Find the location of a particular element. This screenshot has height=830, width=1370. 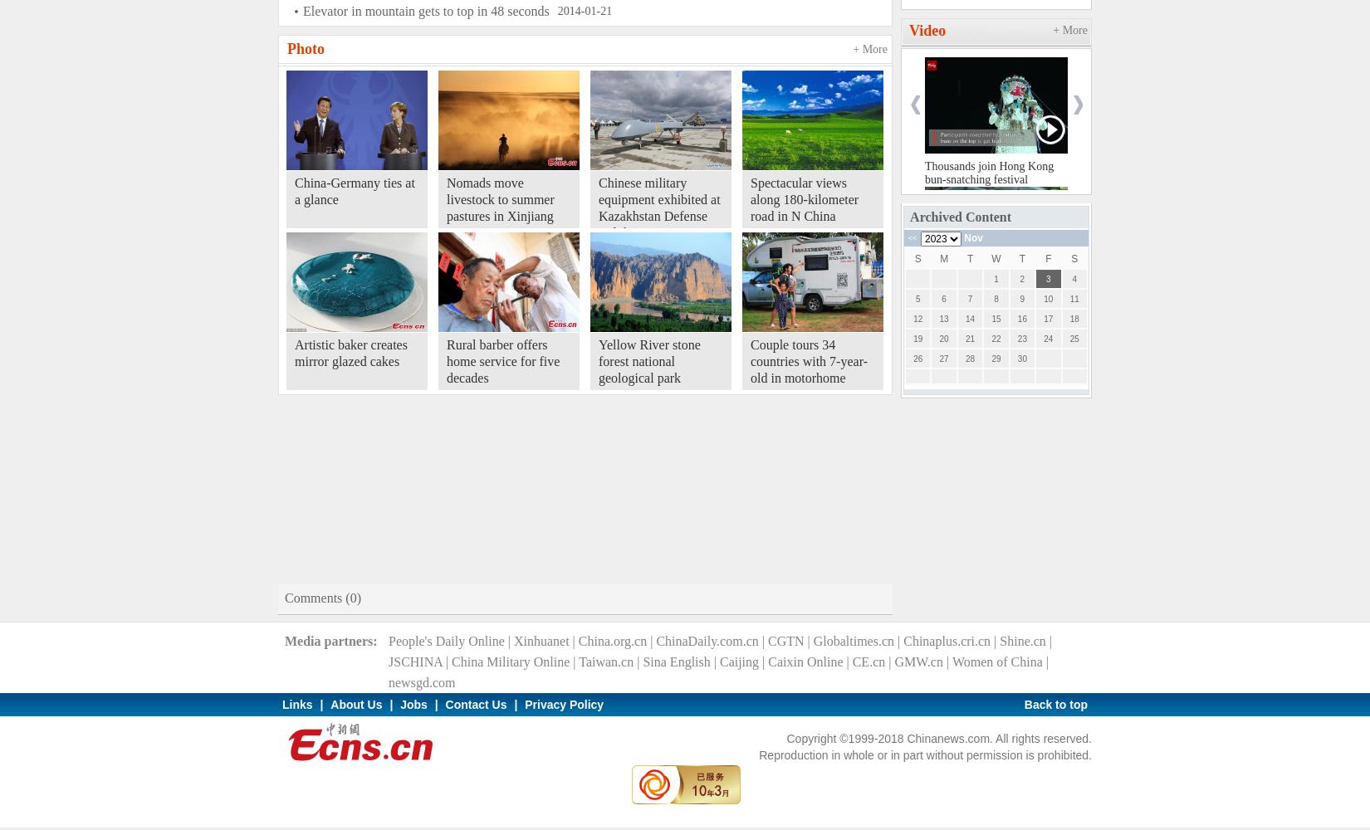

'About Us' is located at coordinates (355, 704).